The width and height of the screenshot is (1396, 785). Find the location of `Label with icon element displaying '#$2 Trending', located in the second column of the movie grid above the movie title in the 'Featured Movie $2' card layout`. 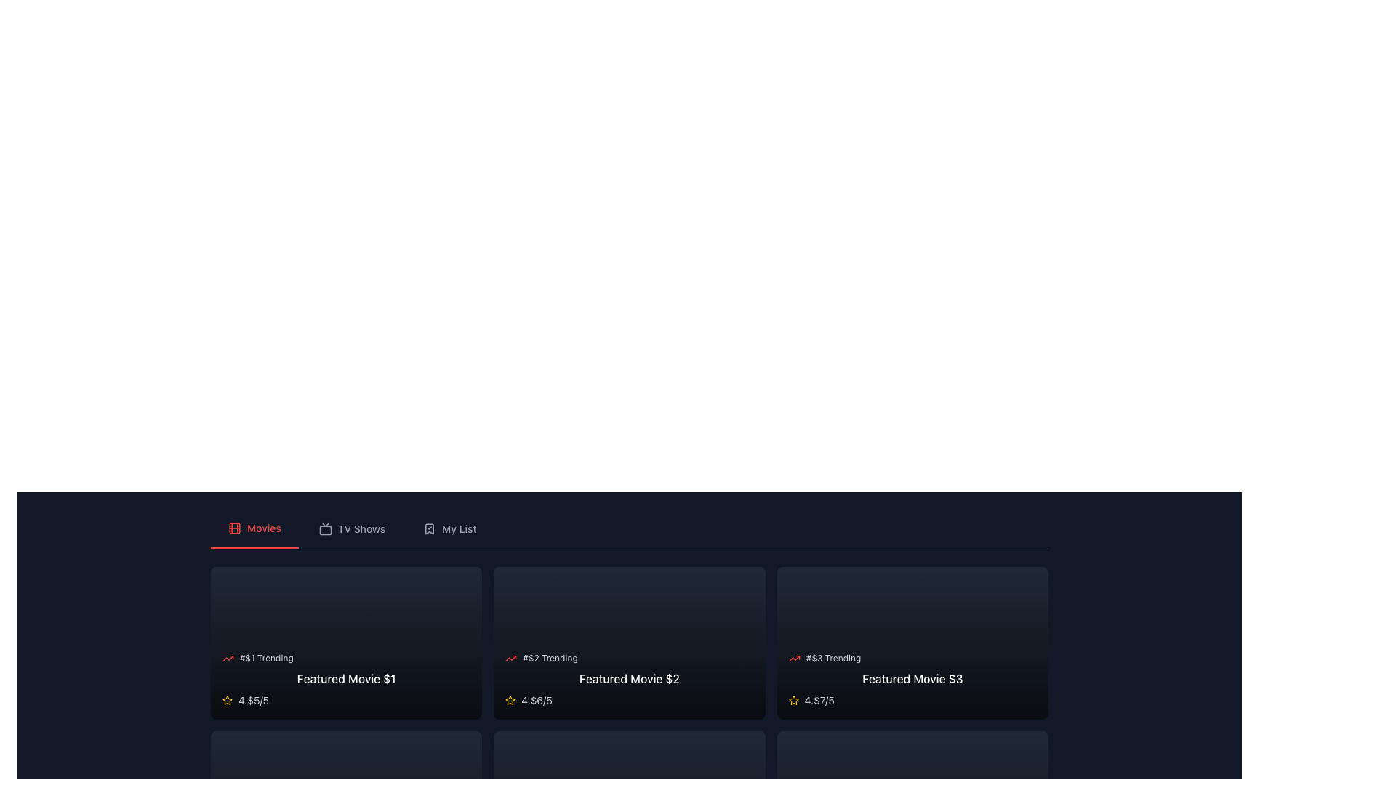

Label with icon element displaying '#$2 Trending', located in the second column of the movie grid above the movie title in the 'Featured Movie $2' card layout is located at coordinates (629, 659).